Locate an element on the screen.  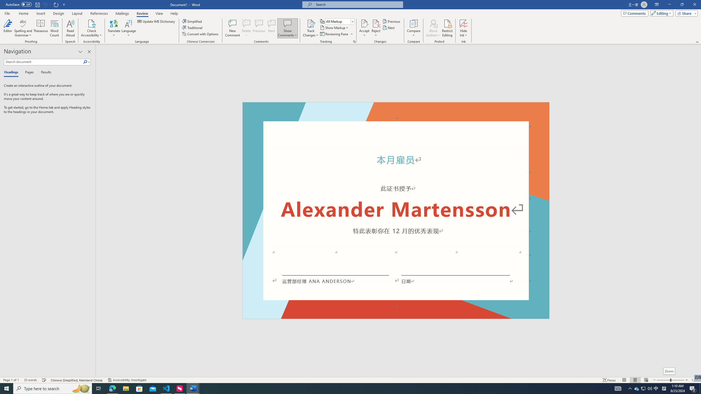
'Display for Review' is located at coordinates (339, 21).